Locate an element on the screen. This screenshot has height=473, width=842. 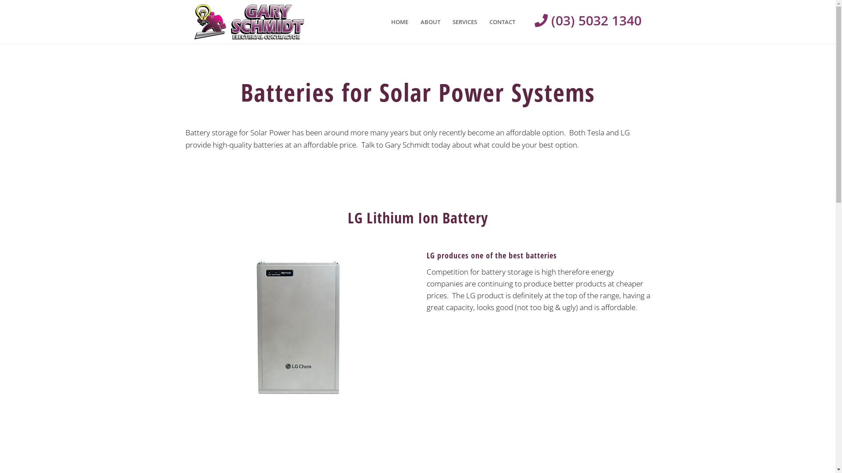
'LG Battery' is located at coordinates (297, 329).